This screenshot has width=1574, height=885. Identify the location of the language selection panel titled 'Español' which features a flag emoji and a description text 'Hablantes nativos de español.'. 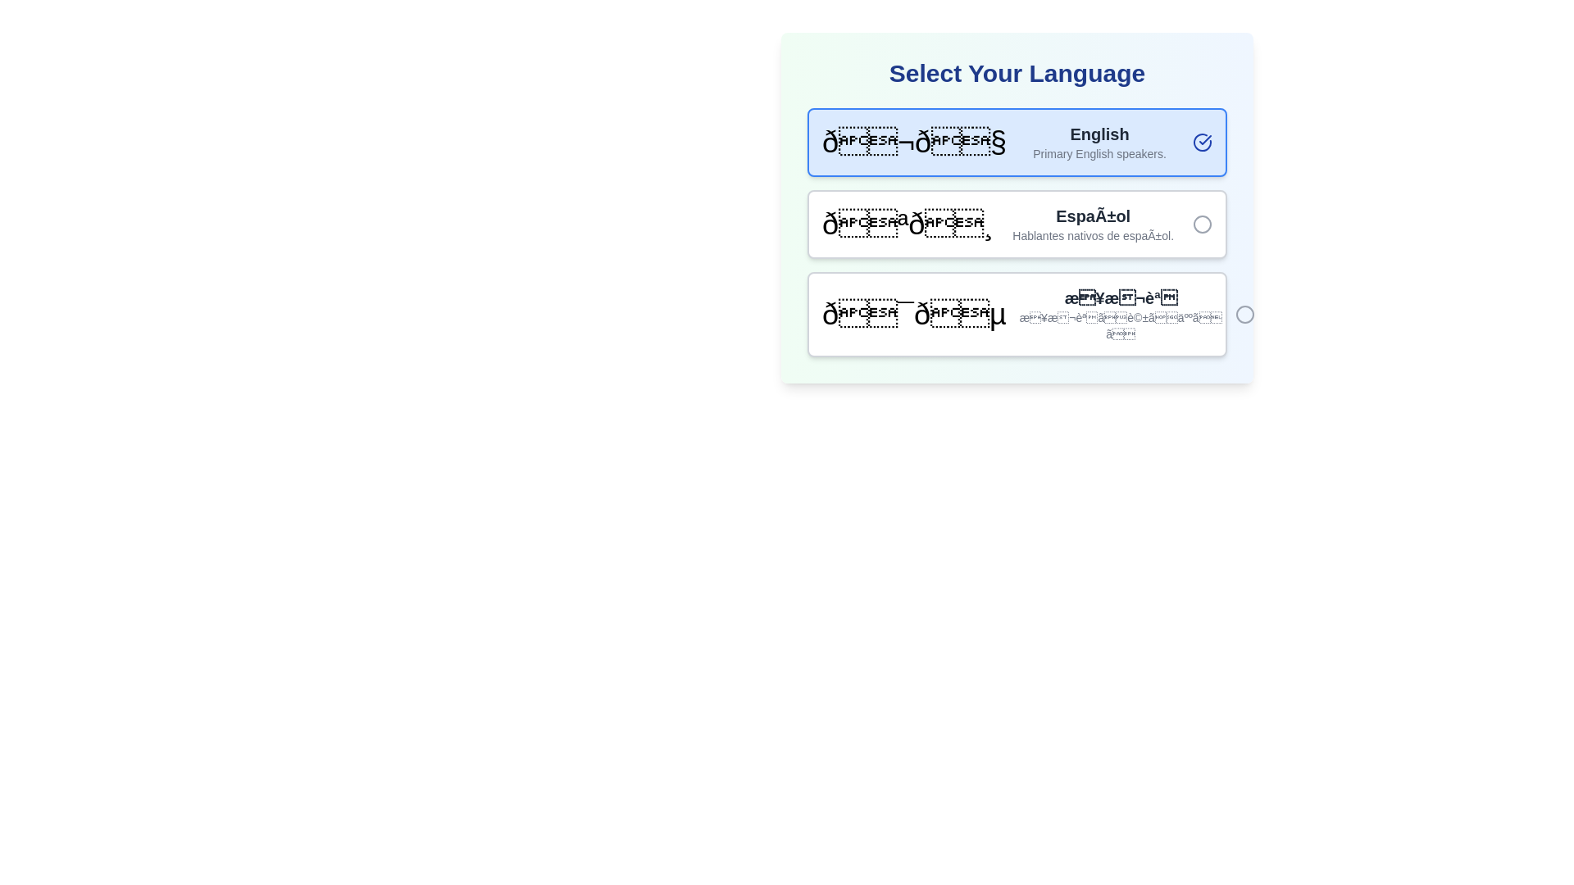
(1017, 224).